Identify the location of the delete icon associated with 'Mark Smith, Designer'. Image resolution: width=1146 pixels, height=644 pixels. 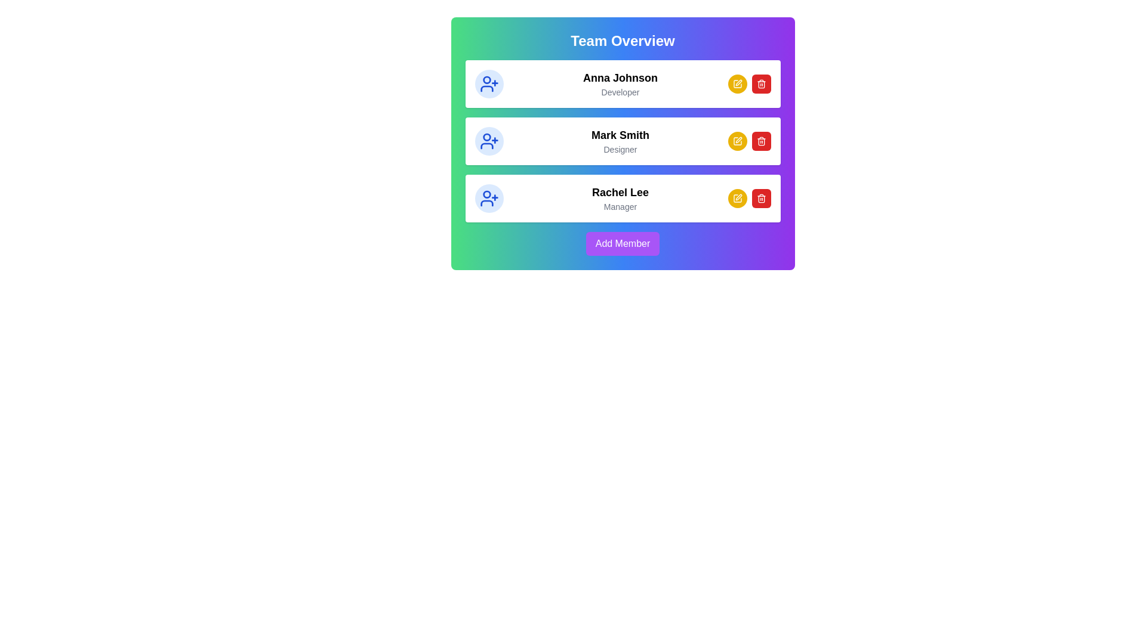
(760, 140).